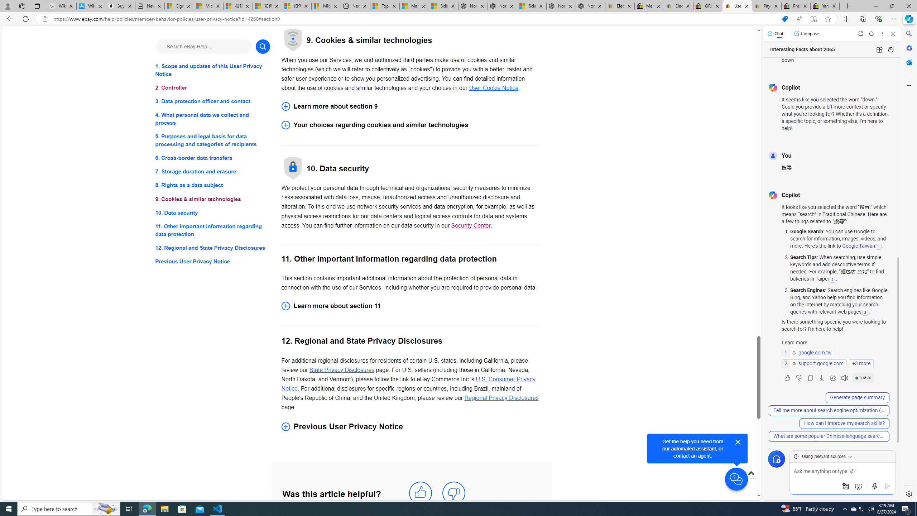  Describe the element at coordinates (212, 101) in the screenshot. I see `'3. Data protection officer and contact'` at that location.